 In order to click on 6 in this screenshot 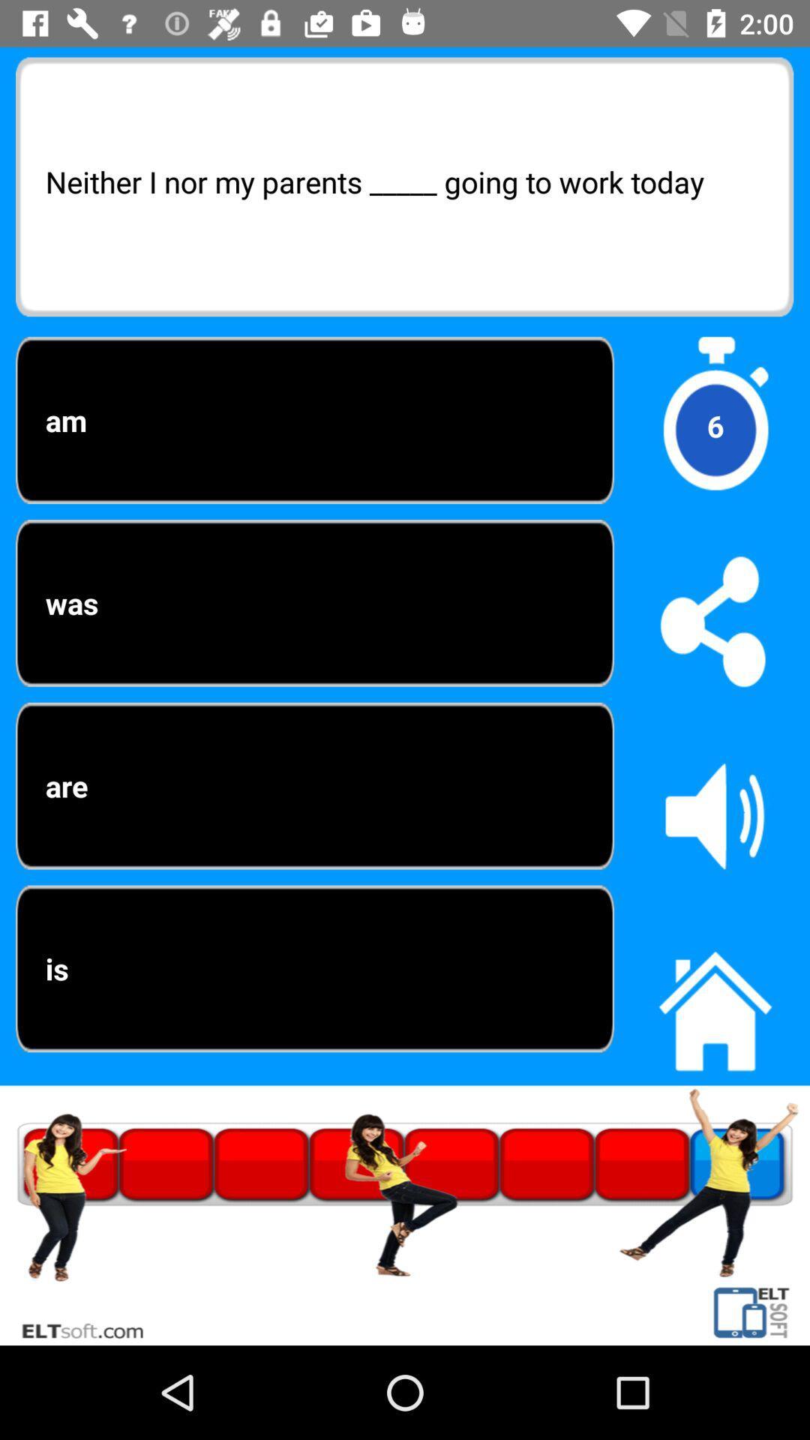, I will do `click(714, 425)`.